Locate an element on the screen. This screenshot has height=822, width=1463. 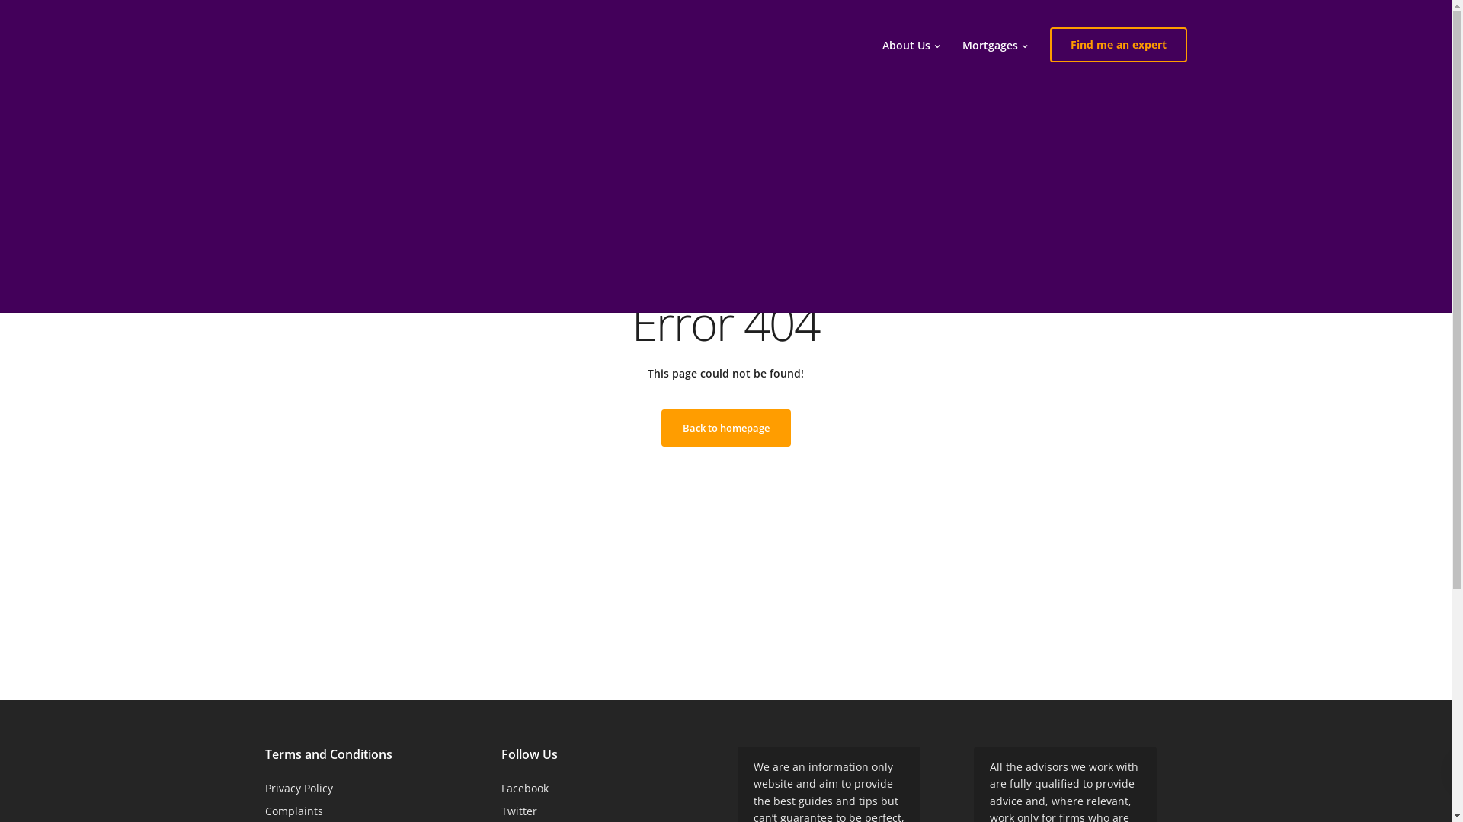
'Facebook' is located at coordinates (501, 788).